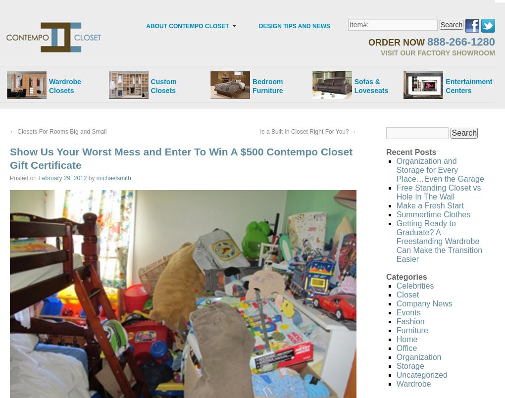  I want to click on 'by', so click(91, 177).